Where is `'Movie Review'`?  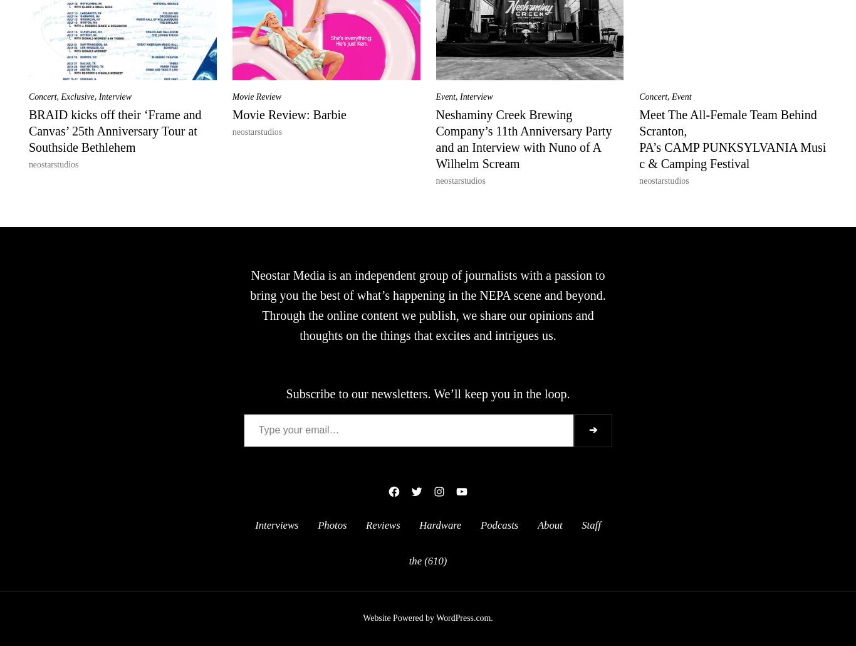 'Movie Review' is located at coordinates (255, 96).